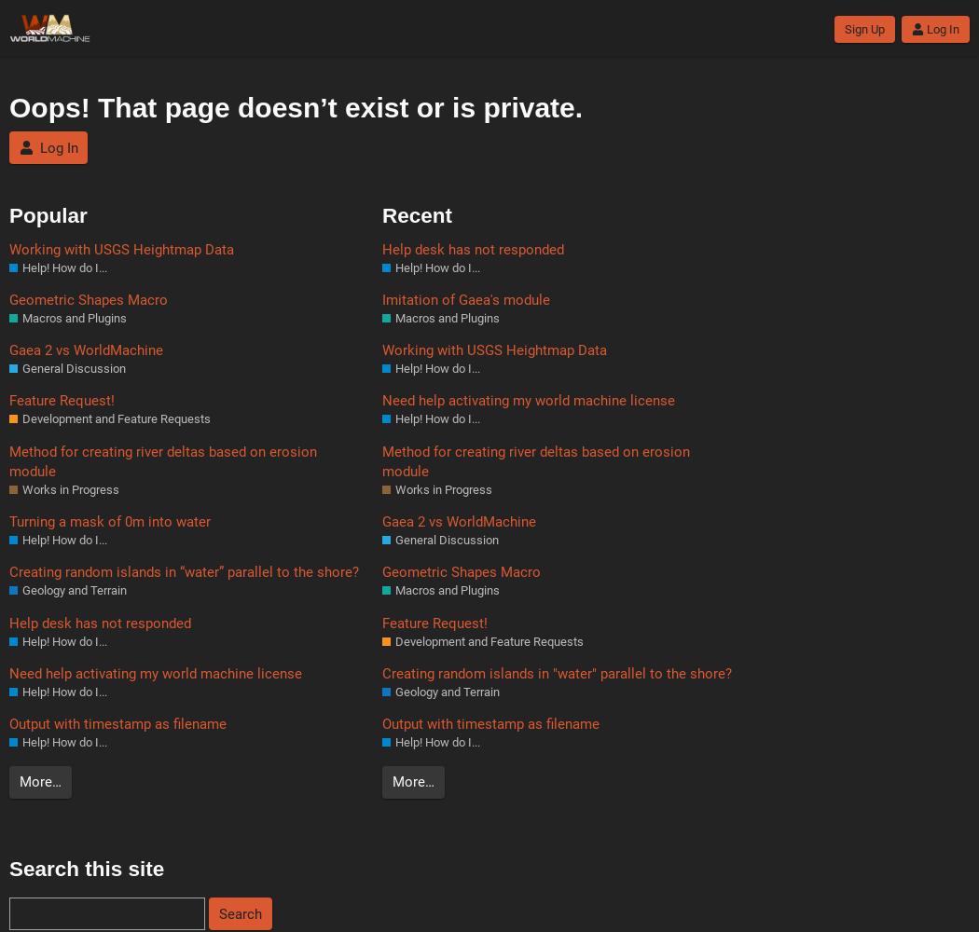  Describe the element at coordinates (843, 29) in the screenshot. I see `'Sign Up'` at that location.